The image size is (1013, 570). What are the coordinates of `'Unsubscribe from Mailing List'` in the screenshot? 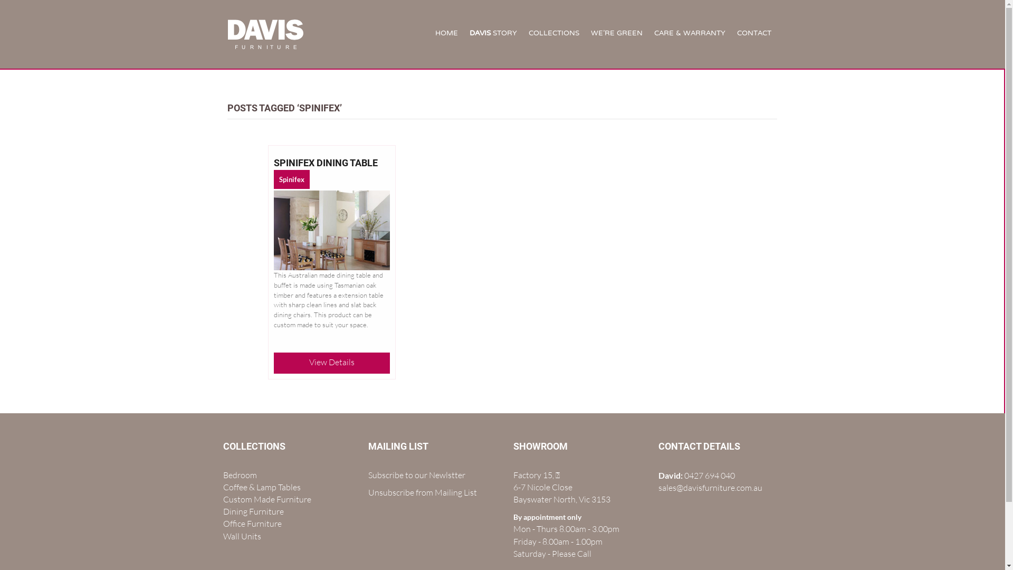 It's located at (423, 492).